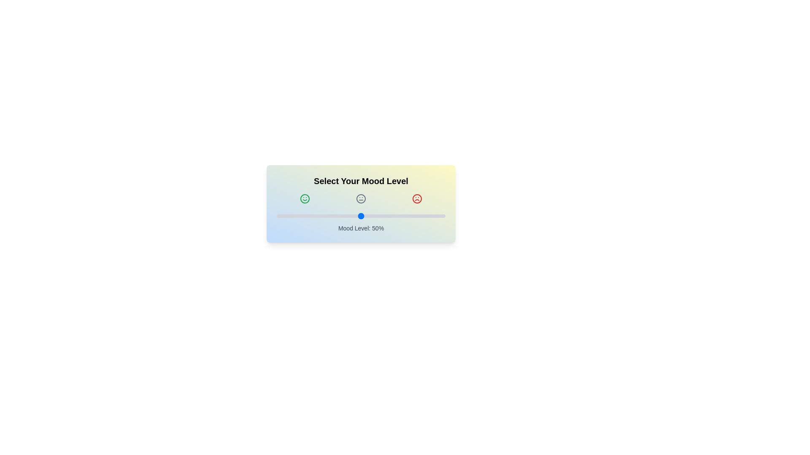  Describe the element at coordinates (307, 216) in the screenshot. I see `the mood level` at that location.